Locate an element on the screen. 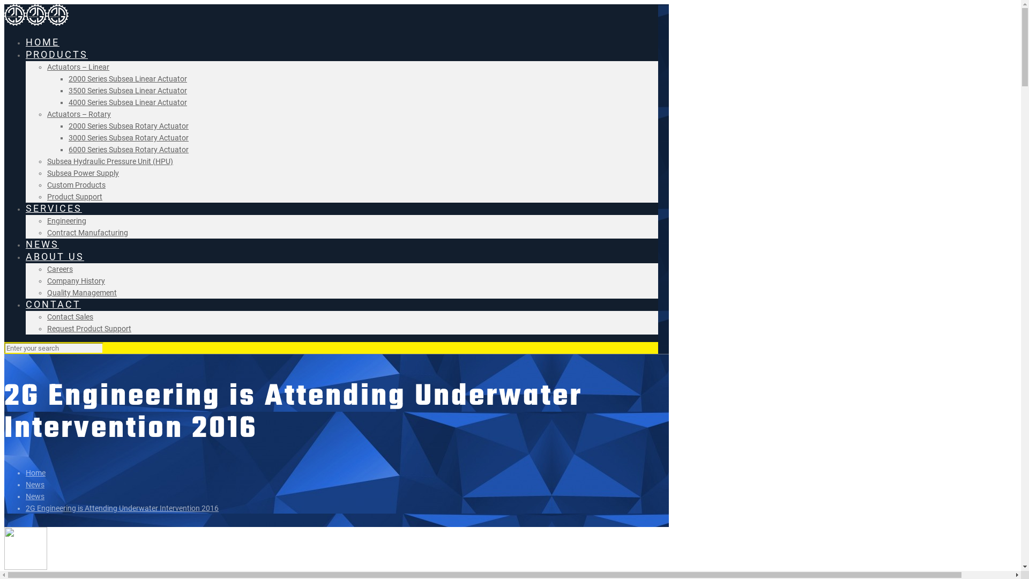 The height and width of the screenshot is (579, 1029). 'Request Product Support' is located at coordinates (46, 328).